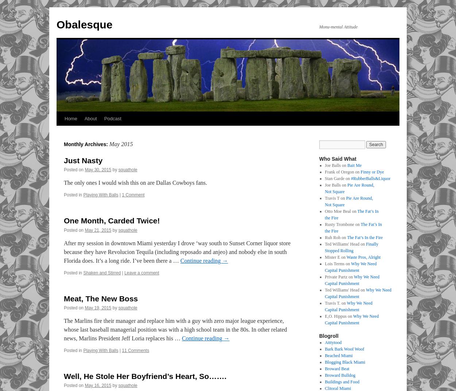  I want to click on 'Broward Bulldog', so click(340, 375).